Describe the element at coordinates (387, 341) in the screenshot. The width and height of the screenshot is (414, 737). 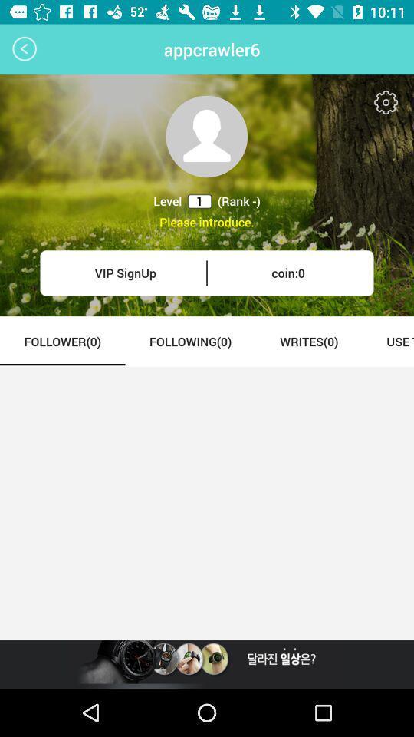
I see `use theme(0) app` at that location.